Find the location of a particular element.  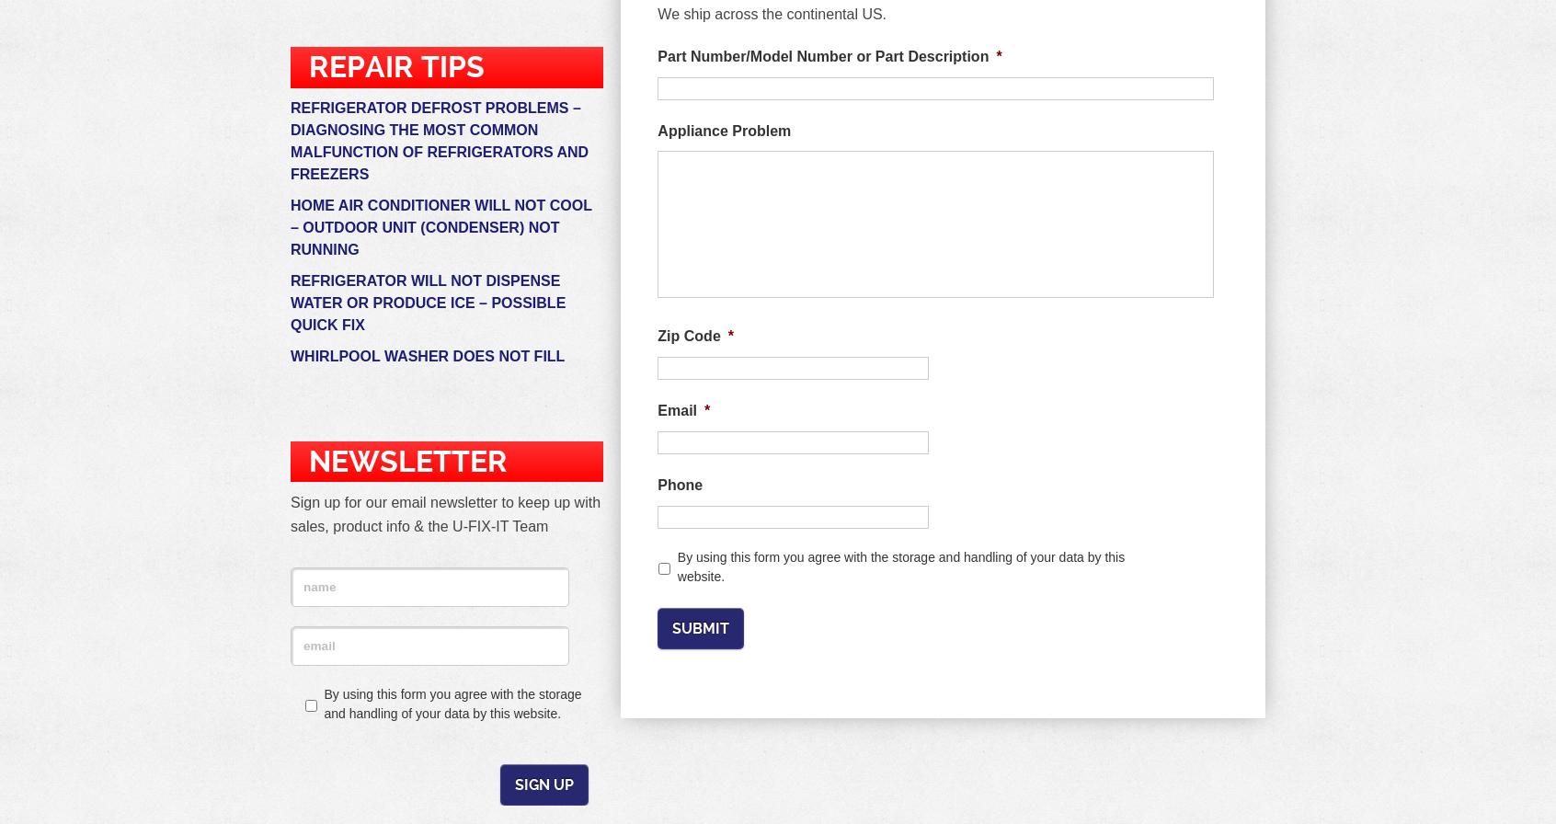

'Sign up for our email newsletter to keep up with sales, product info & the U-FIX-IT Team' is located at coordinates (444, 514).